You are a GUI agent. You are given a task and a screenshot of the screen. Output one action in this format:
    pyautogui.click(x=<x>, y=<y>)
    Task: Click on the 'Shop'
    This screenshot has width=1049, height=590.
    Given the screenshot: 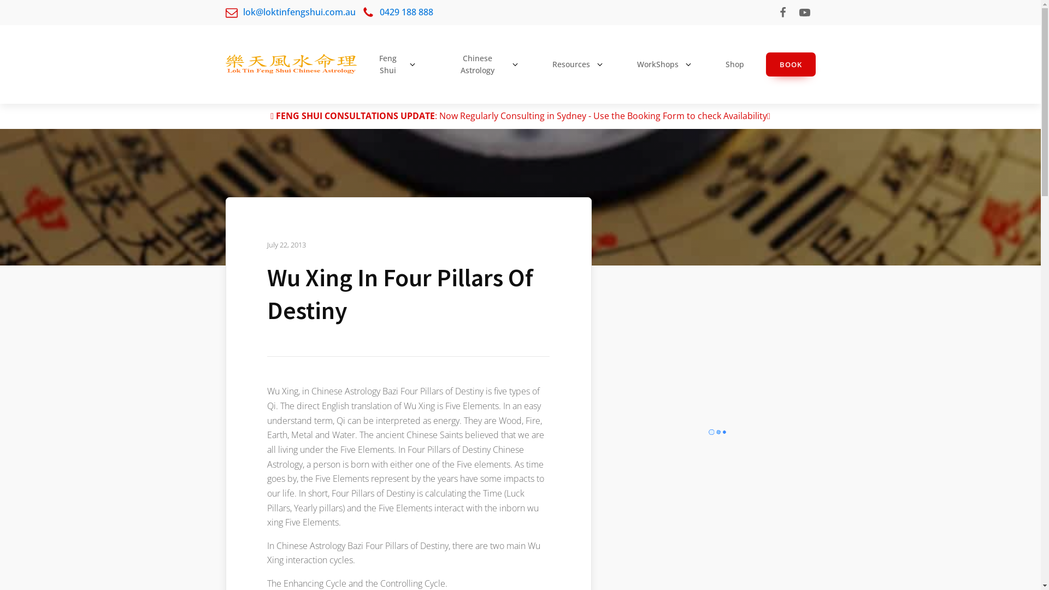 What is the action you would take?
    pyautogui.click(x=737, y=64)
    